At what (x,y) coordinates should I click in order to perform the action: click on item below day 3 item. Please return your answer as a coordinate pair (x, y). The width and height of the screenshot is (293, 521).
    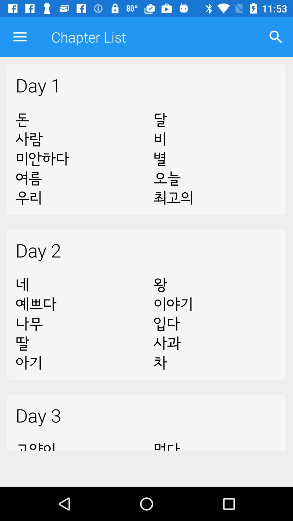
    Looking at the image, I should click on (77, 443).